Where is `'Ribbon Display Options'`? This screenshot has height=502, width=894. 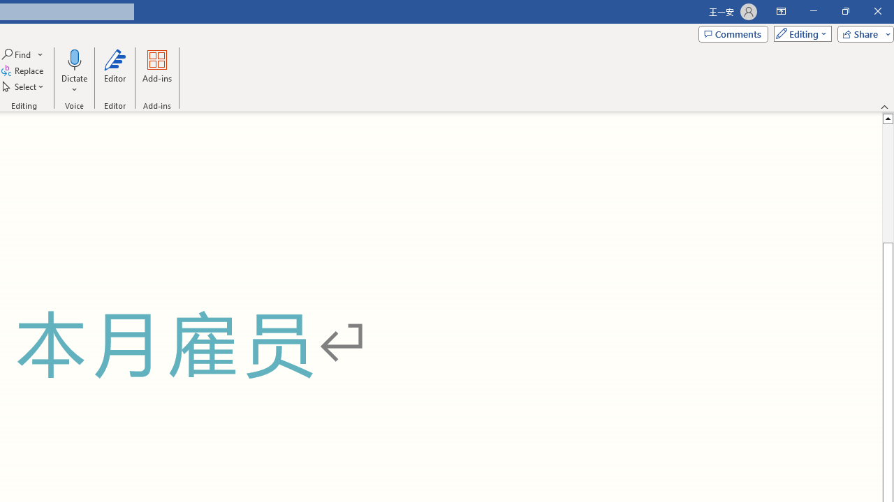
'Ribbon Display Options' is located at coordinates (780, 11).